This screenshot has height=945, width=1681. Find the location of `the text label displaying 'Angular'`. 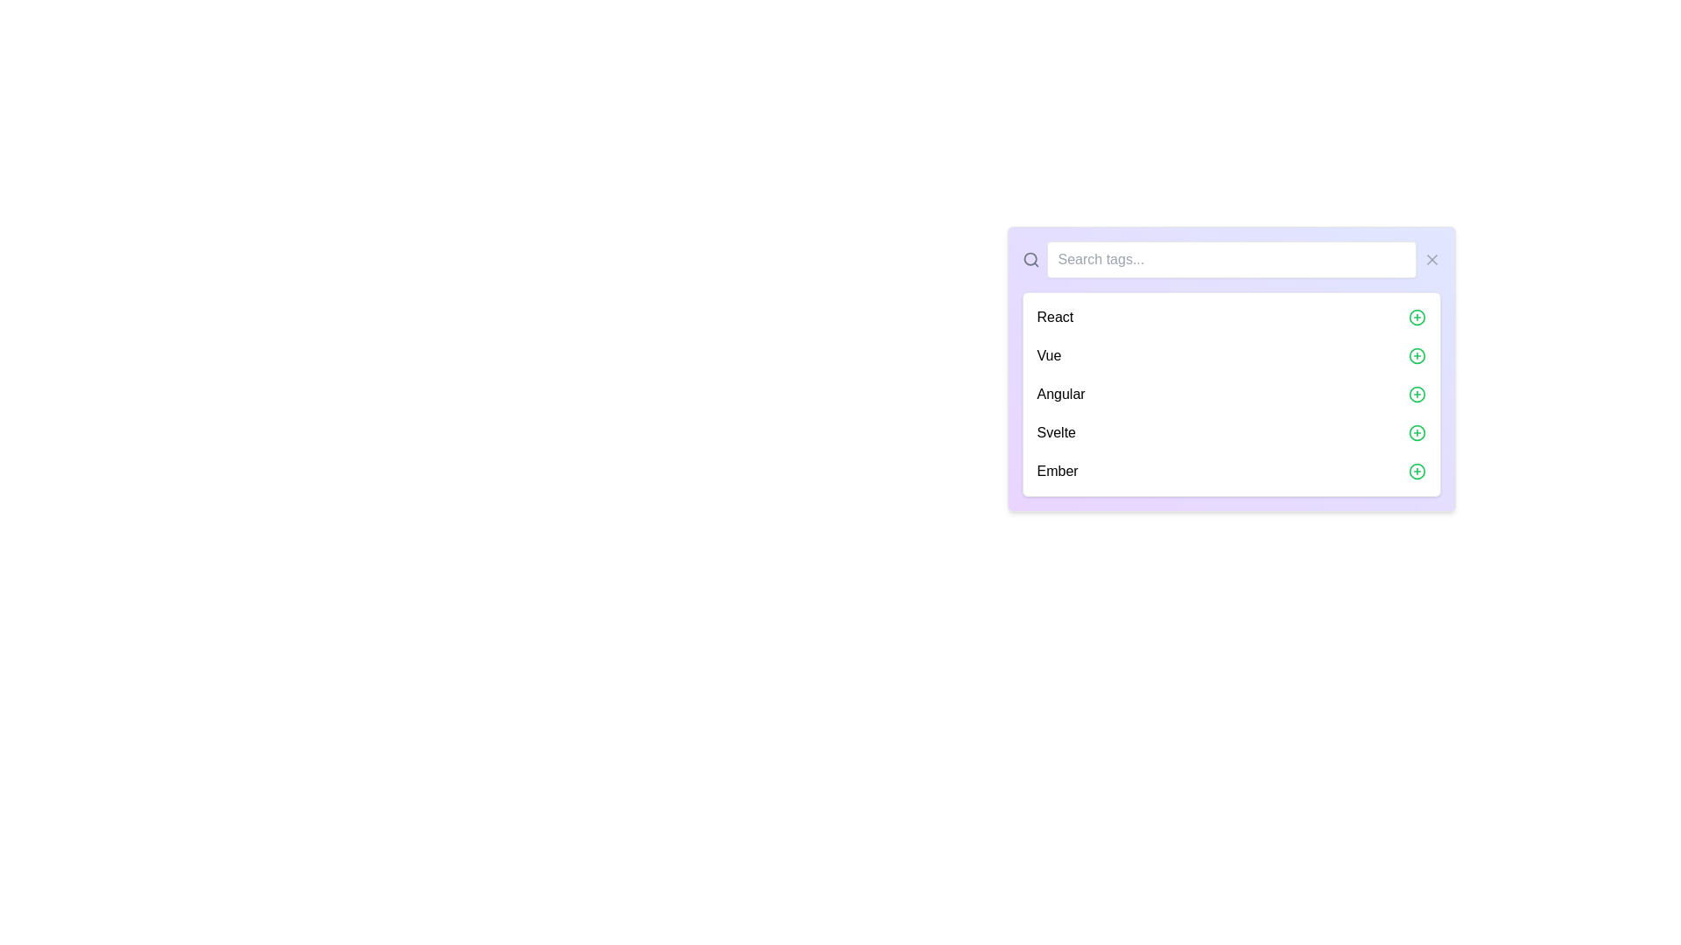

the text label displaying 'Angular' is located at coordinates (1060, 395).